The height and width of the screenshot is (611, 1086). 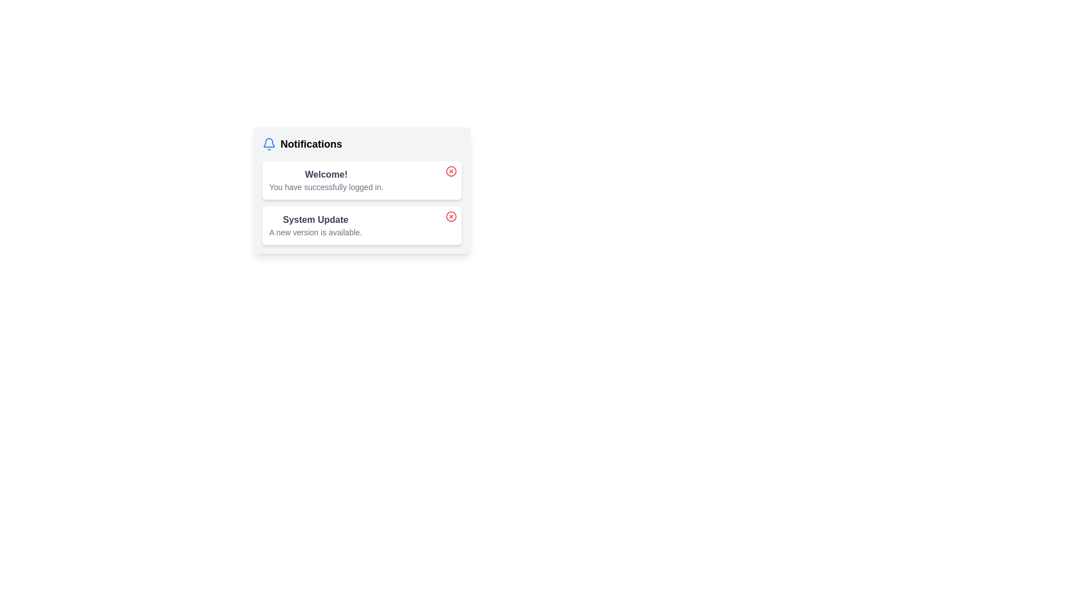 I want to click on the blue bell icon representing notifications, which is located to the left of the text 'Notifications', so click(x=268, y=143).